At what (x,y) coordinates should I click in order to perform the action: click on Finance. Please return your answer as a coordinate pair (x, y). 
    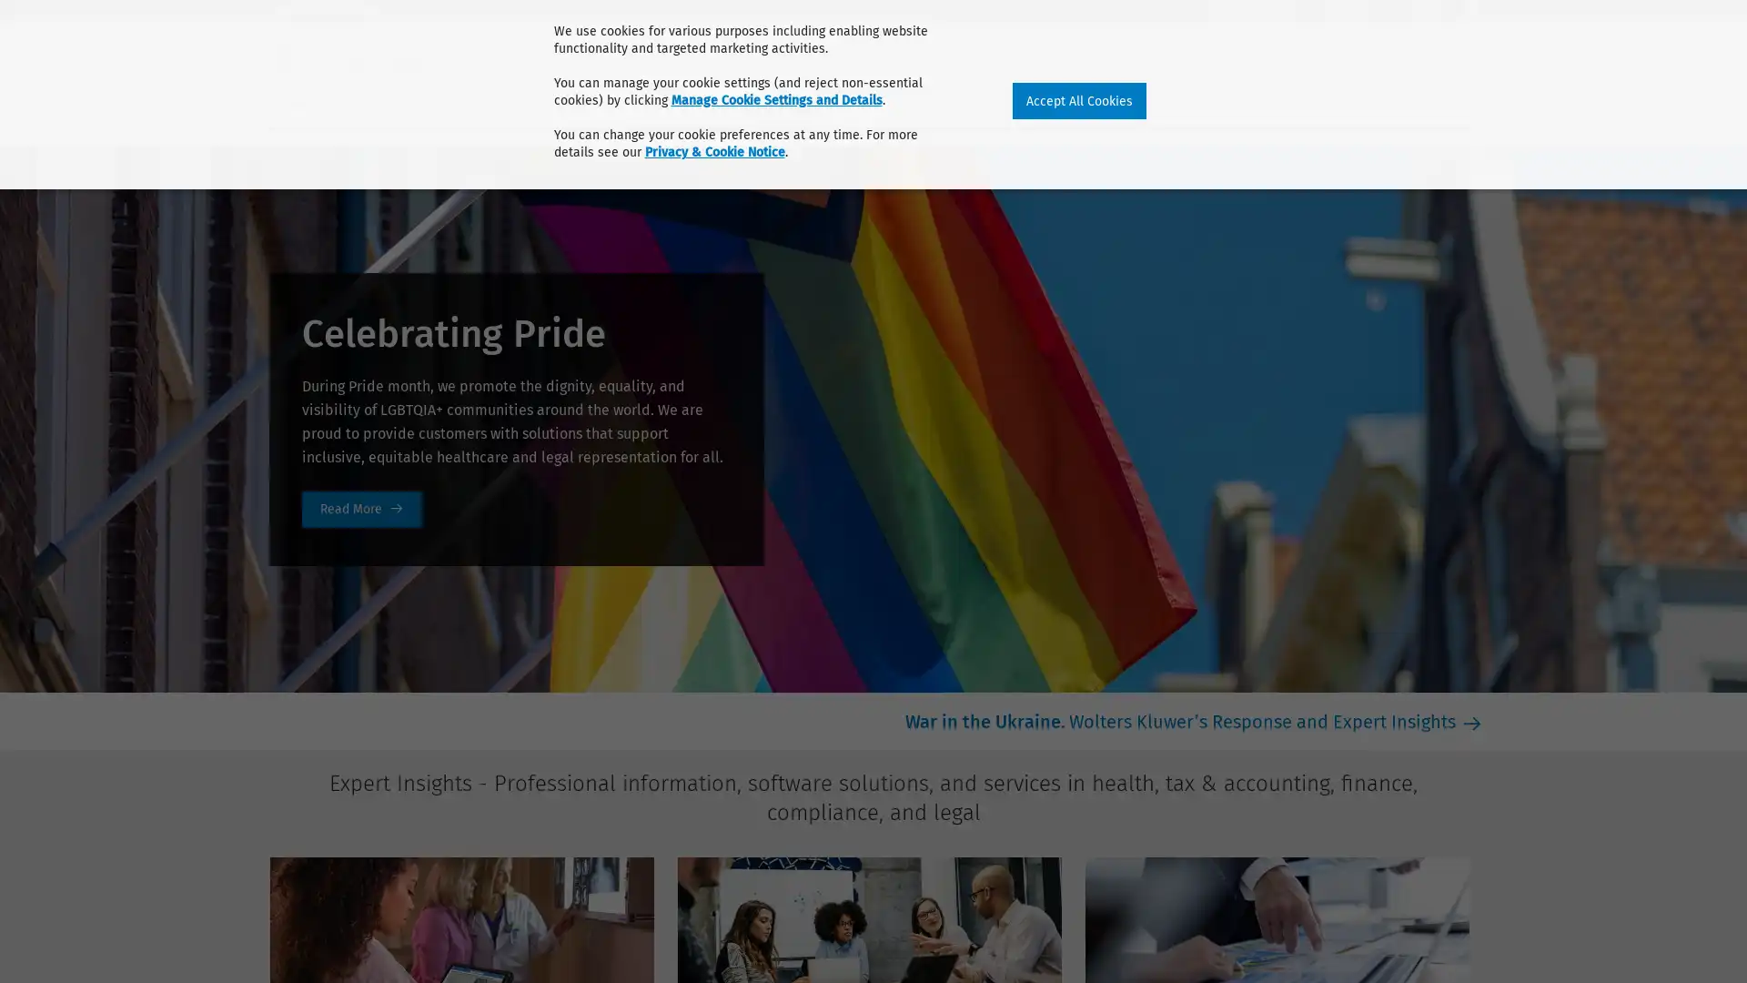
    Looking at the image, I should click on (571, 102).